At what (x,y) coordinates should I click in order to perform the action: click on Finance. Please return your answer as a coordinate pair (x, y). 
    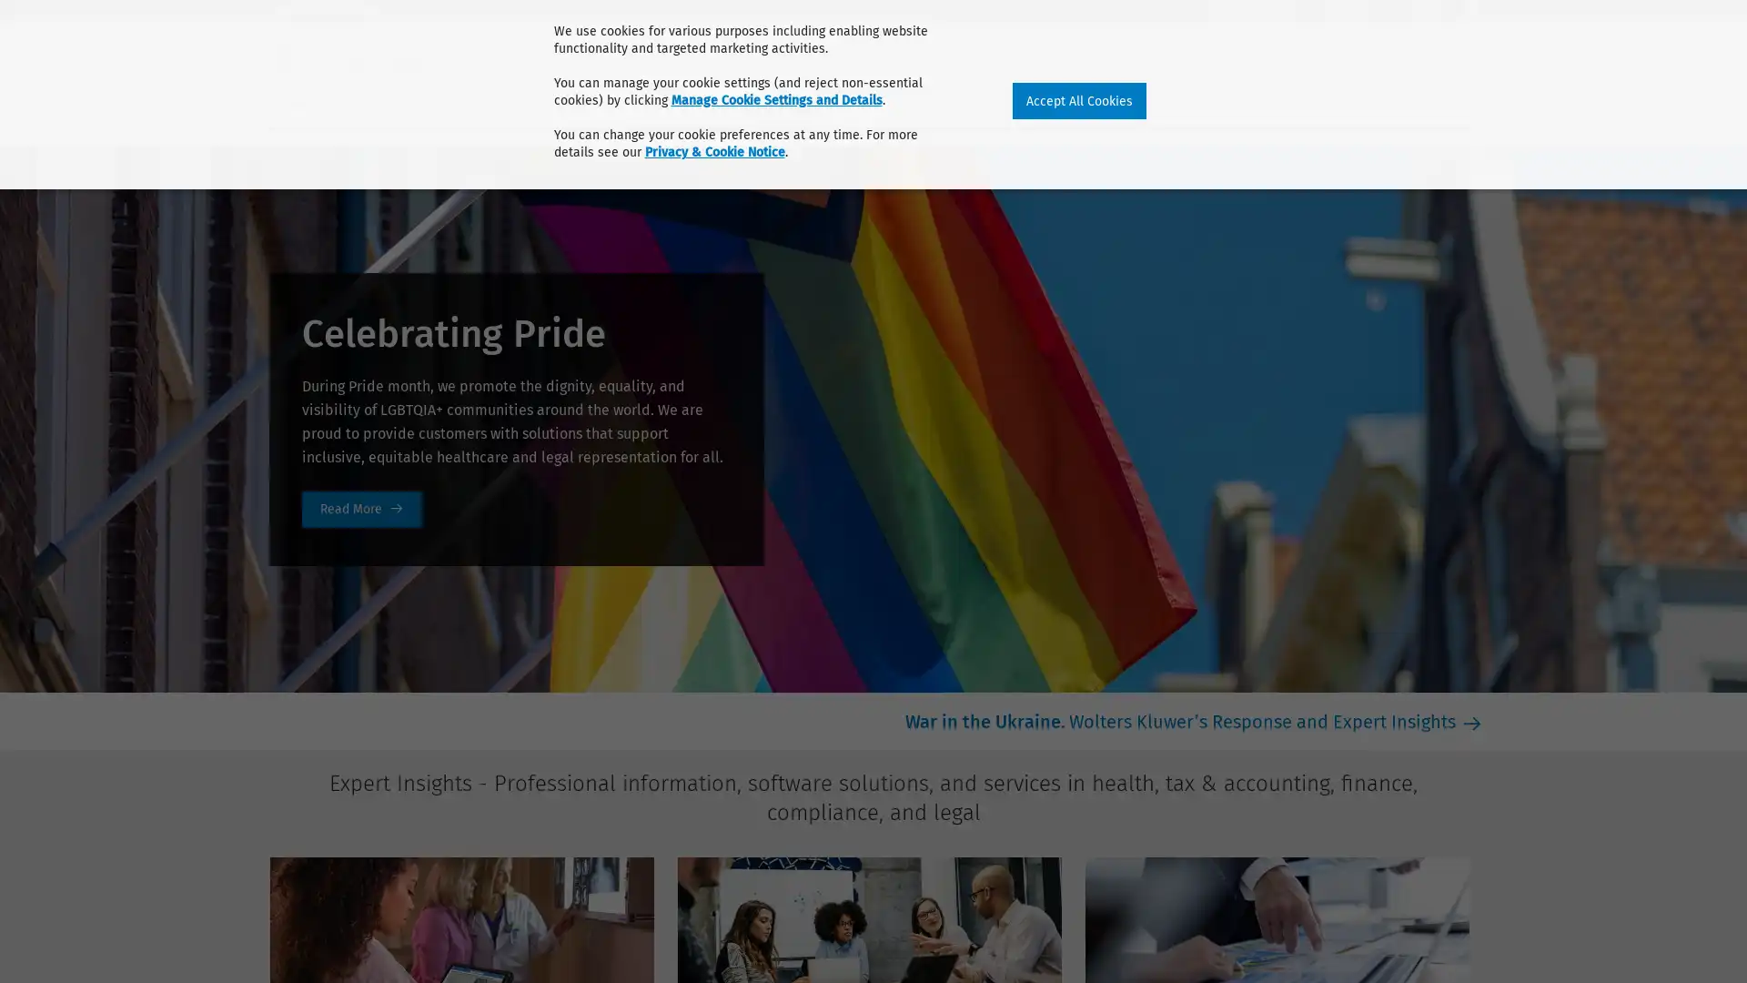
    Looking at the image, I should click on (571, 102).